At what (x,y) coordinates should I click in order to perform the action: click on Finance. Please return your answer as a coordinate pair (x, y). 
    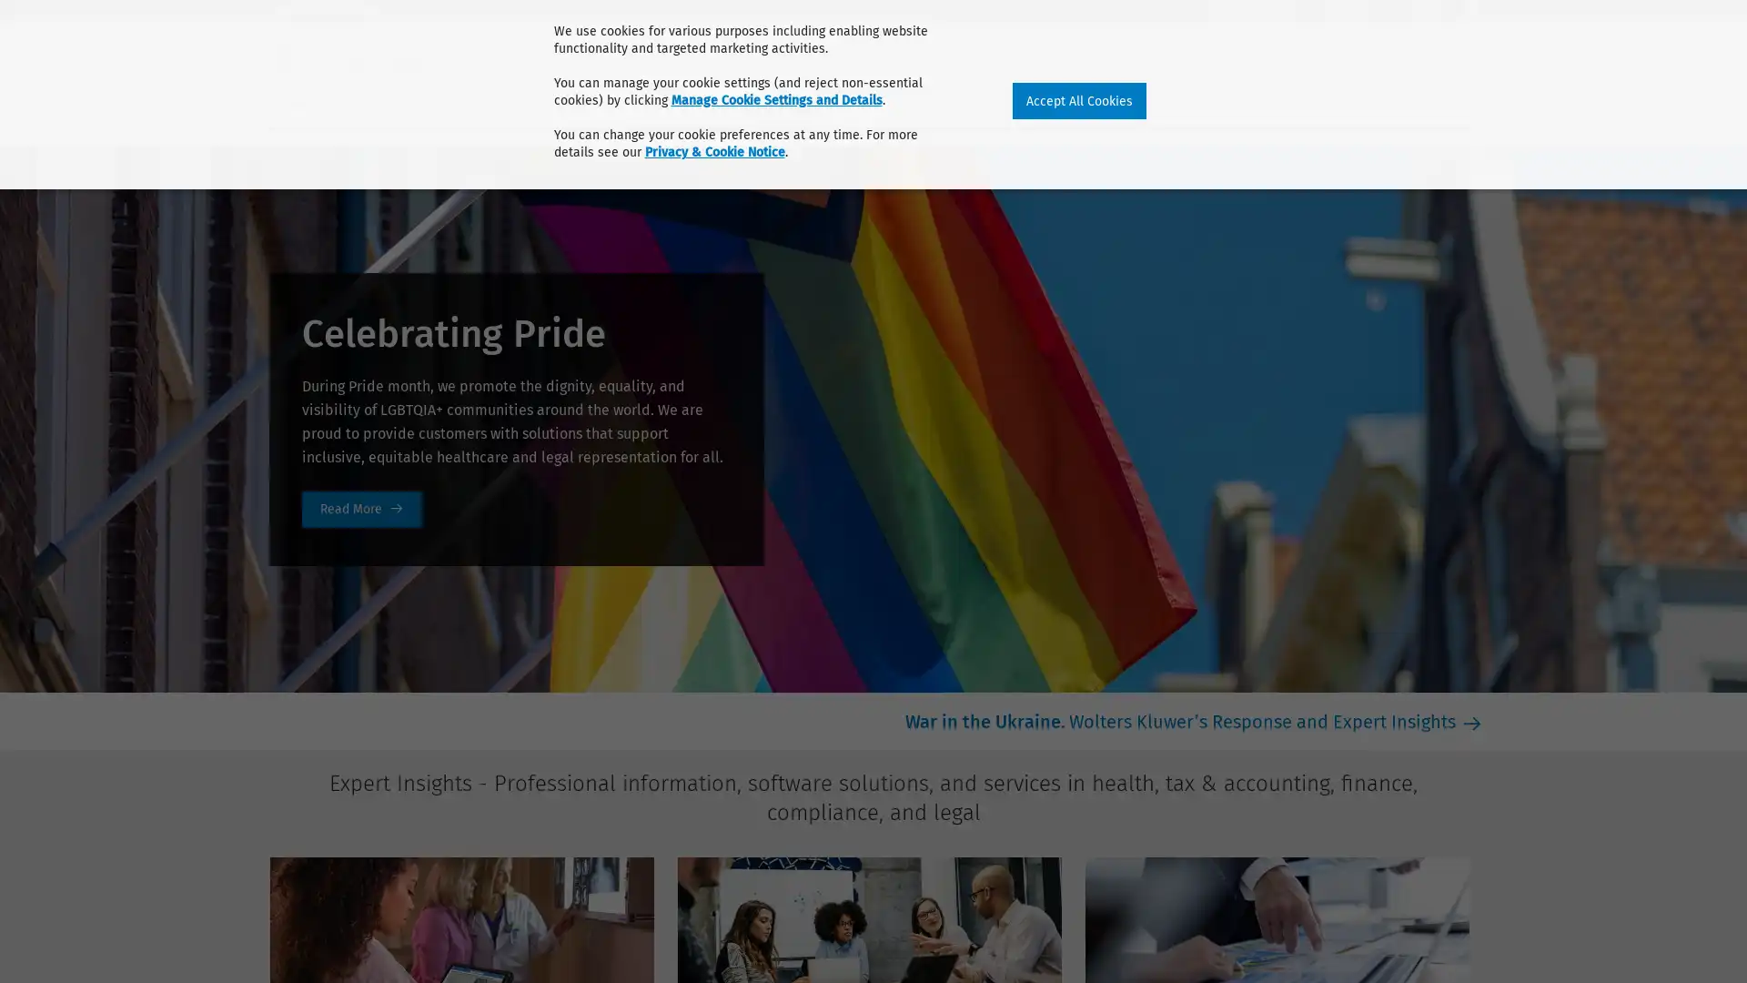
    Looking at the image, I should click on (571, 102).